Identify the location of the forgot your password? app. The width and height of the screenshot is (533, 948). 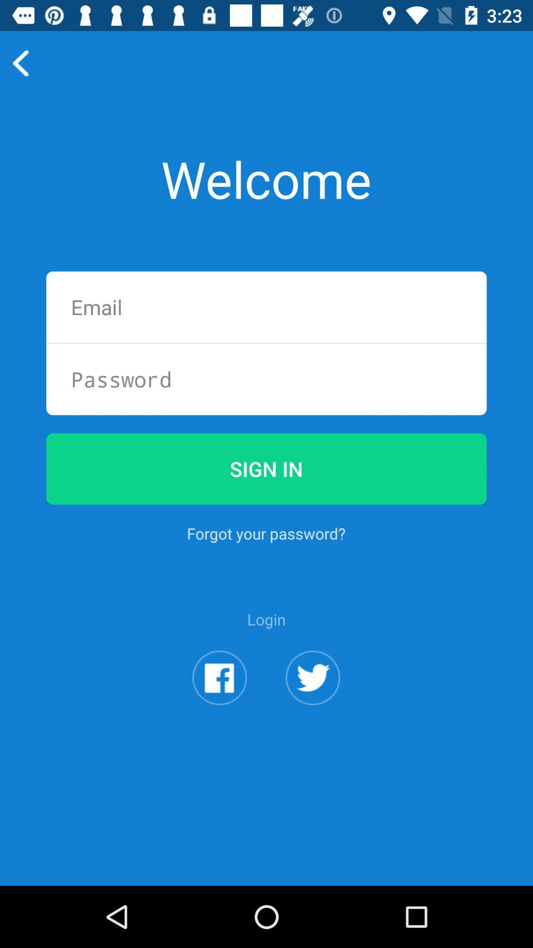
(266, 533).